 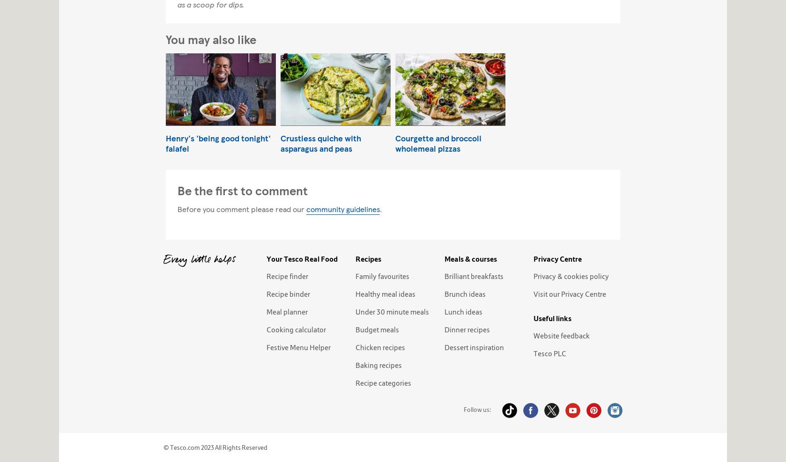 I want to click on 'Be the first to comment', so click(x=242, y=190).